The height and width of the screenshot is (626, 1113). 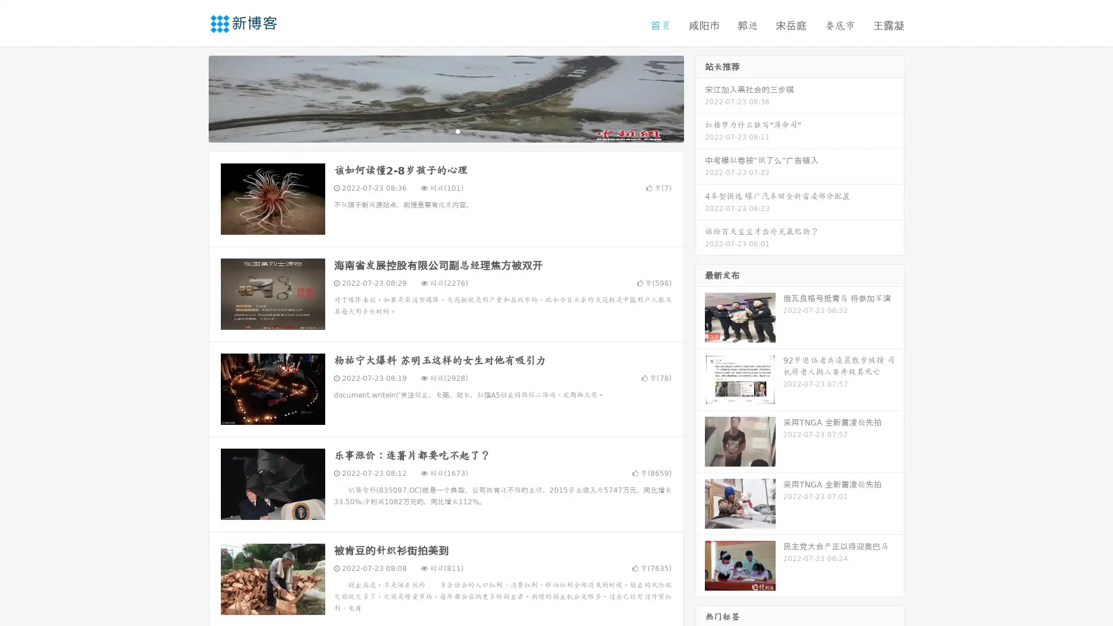 What do you see at coordinates (700, 97) in the screenshot?
I see `Next slide` at bounding box center [700, 97].